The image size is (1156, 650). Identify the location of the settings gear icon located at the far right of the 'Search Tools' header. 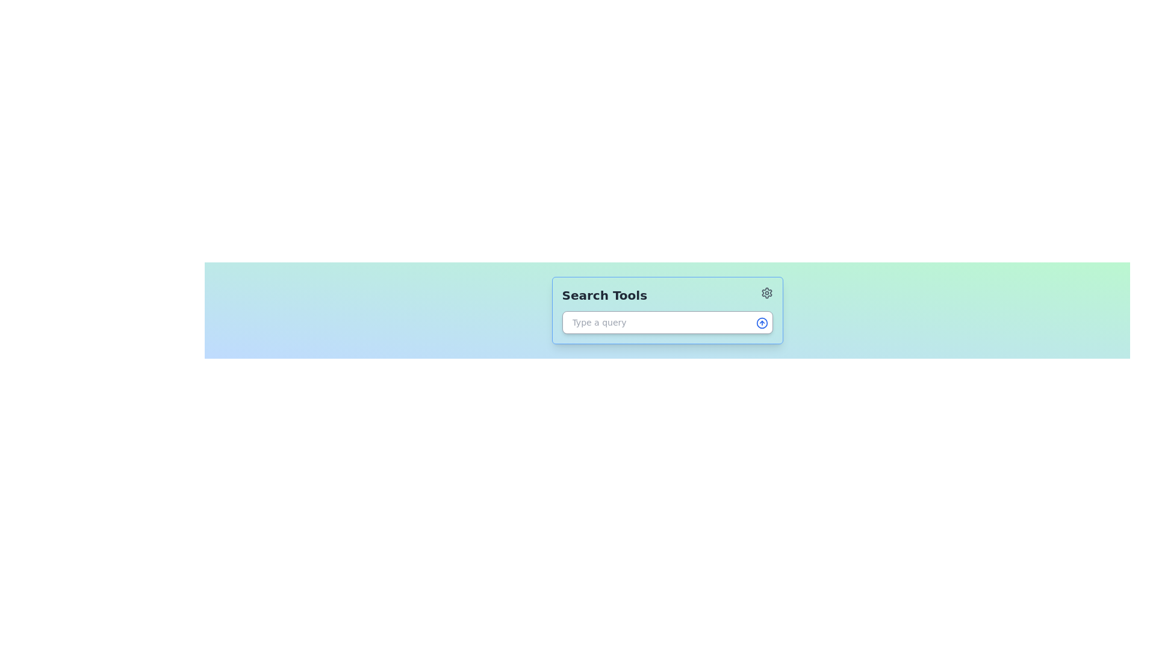
(766, 292).